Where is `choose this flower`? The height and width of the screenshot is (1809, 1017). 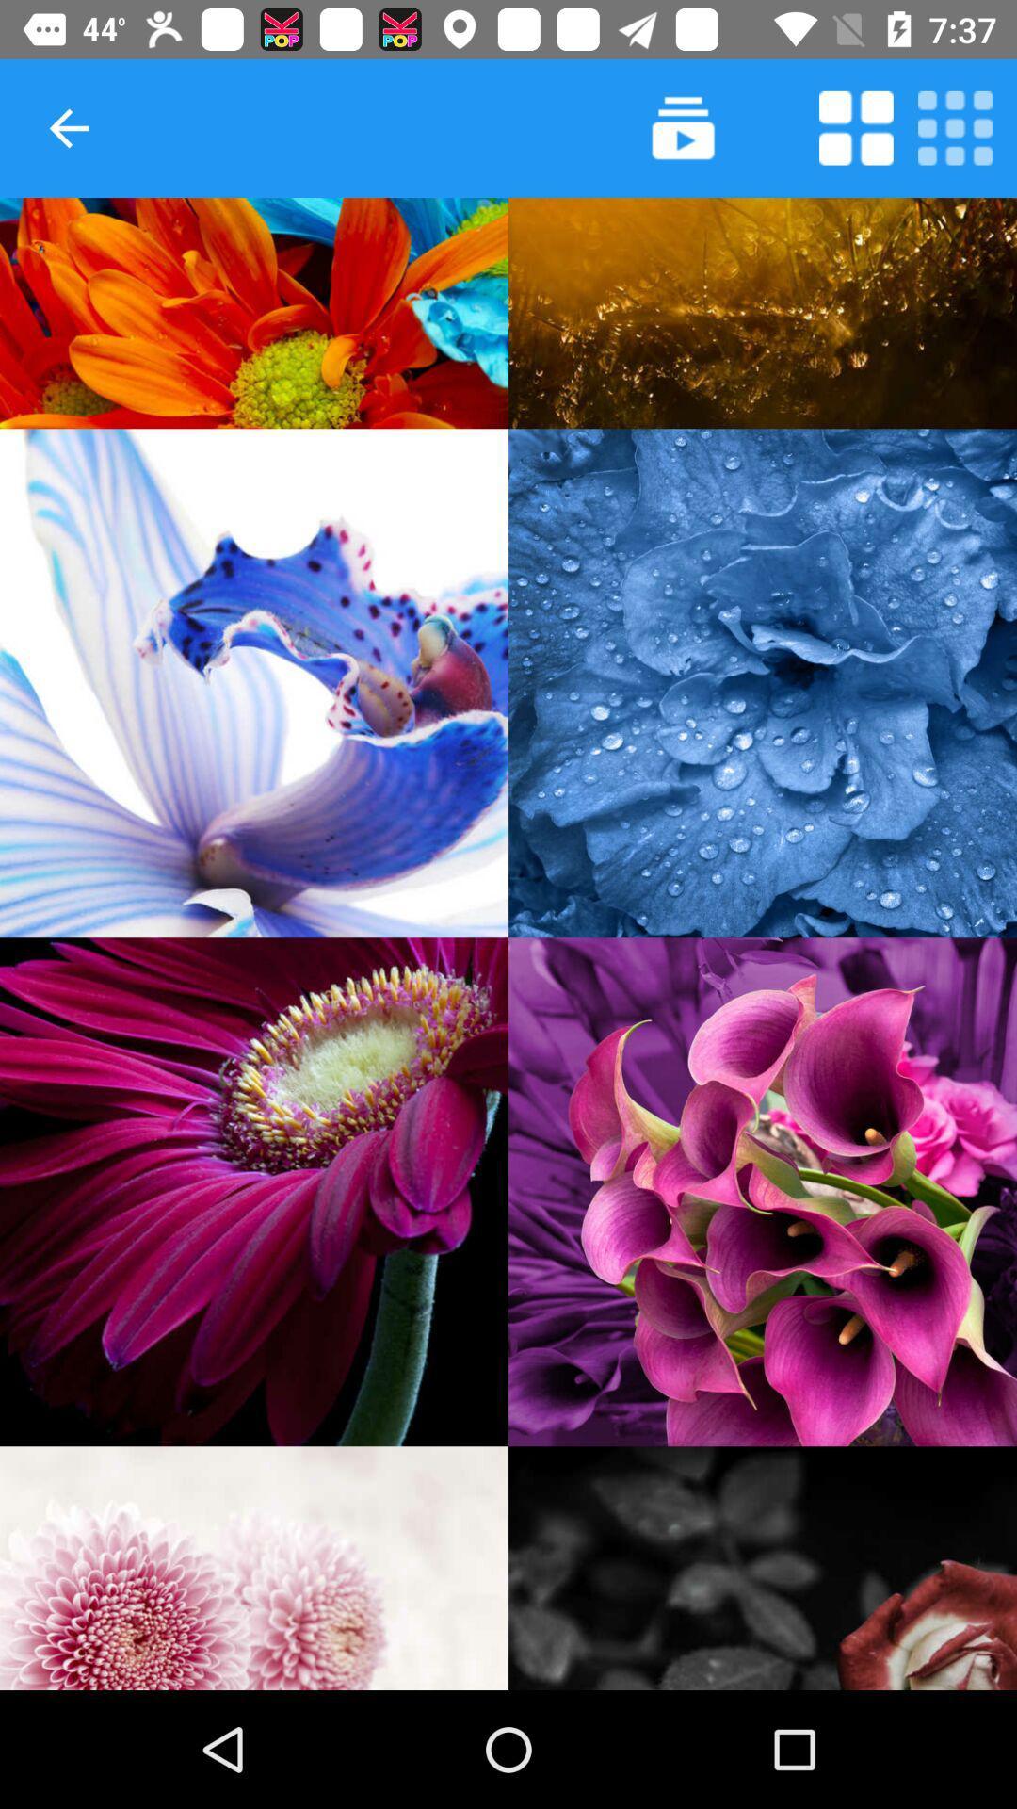 choose this flower is located at coordinates (763, 682).